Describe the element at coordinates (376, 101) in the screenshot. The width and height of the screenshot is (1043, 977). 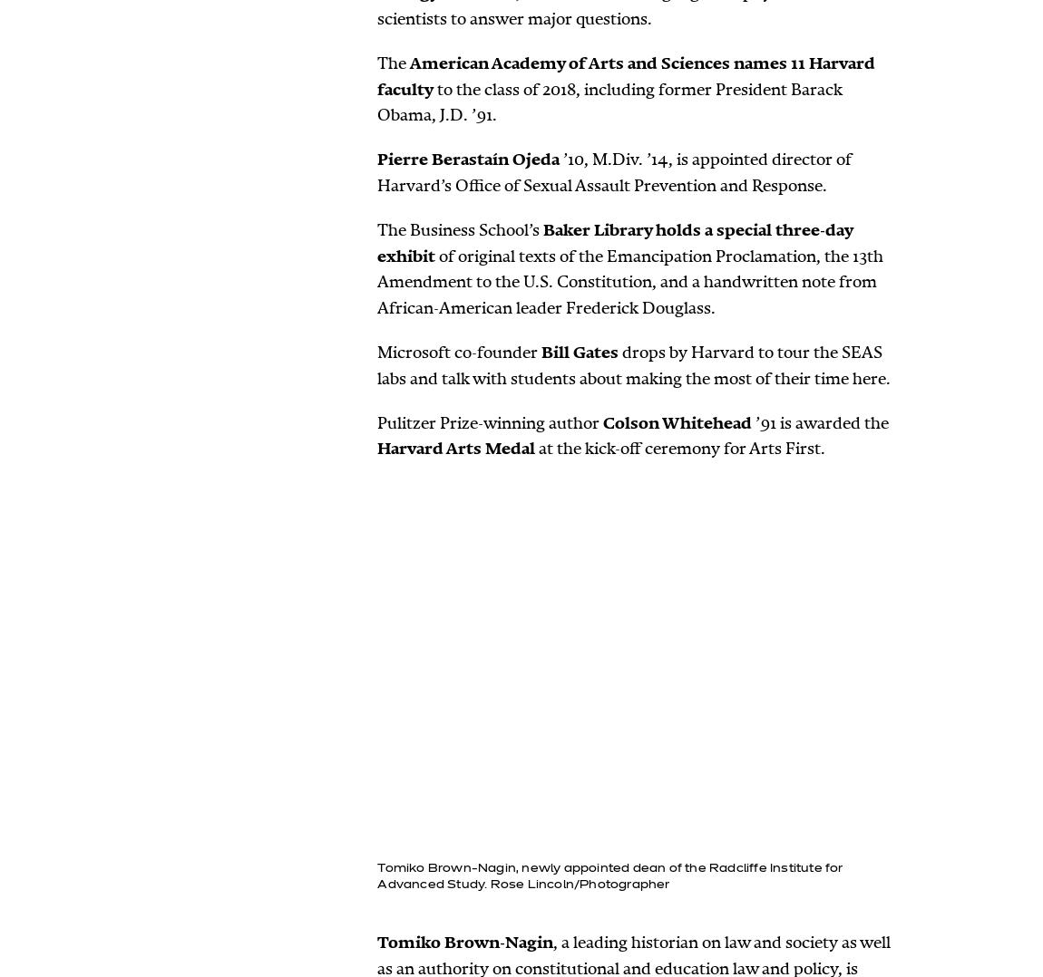
I see `'to the class of 2018, including former President Barack Obama, J.D. ’91.'` at that location.